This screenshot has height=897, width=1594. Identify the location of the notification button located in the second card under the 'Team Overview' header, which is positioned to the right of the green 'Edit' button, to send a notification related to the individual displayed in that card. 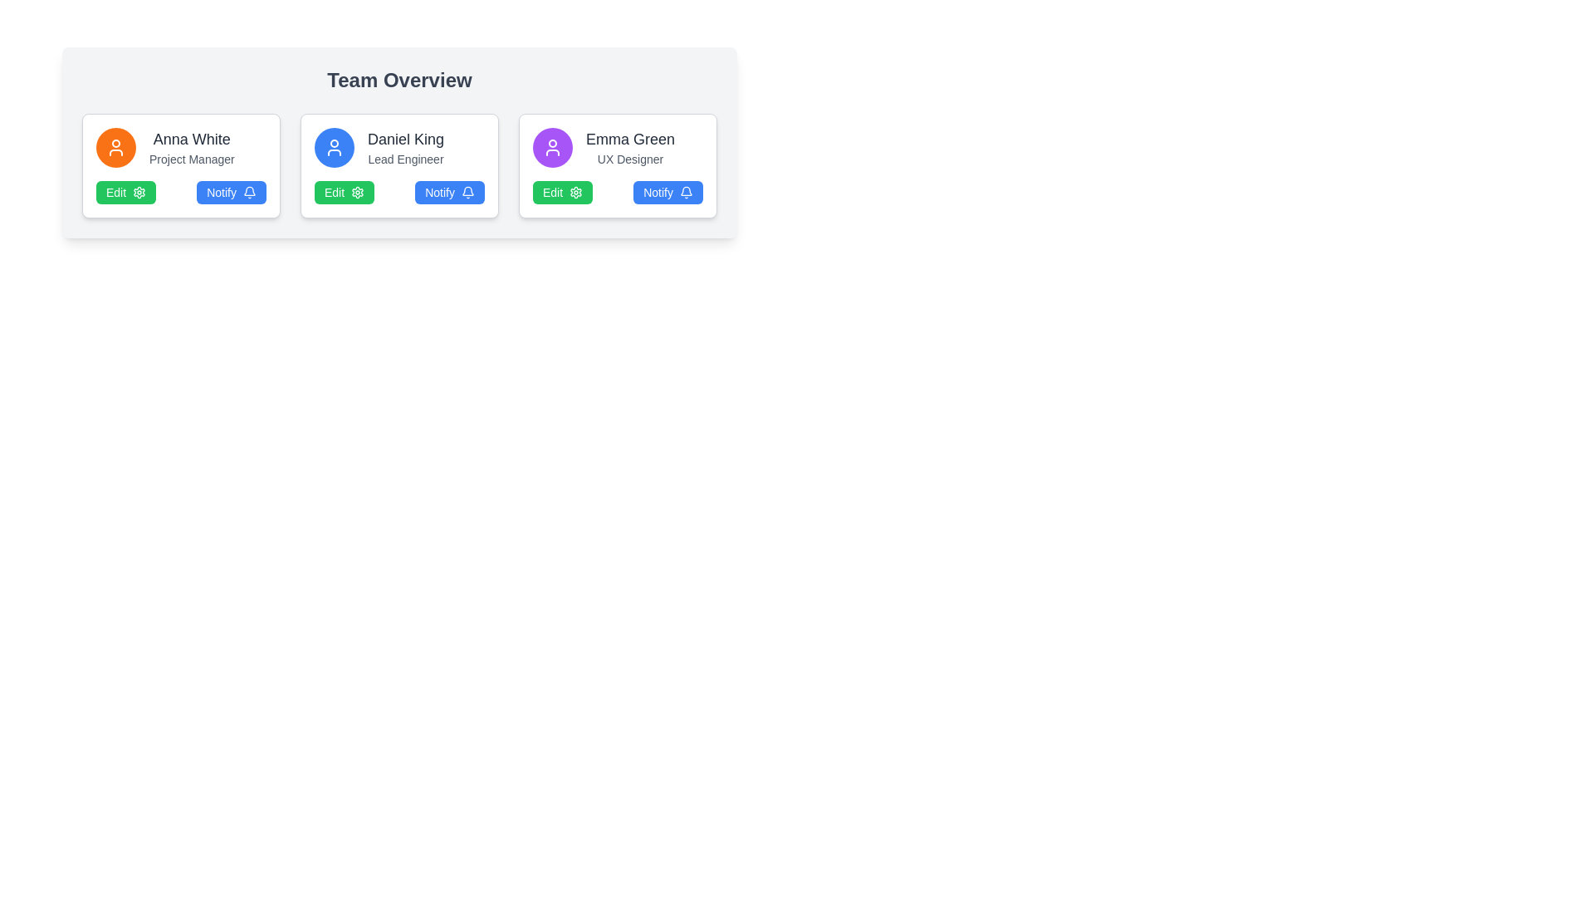
(450, 191).